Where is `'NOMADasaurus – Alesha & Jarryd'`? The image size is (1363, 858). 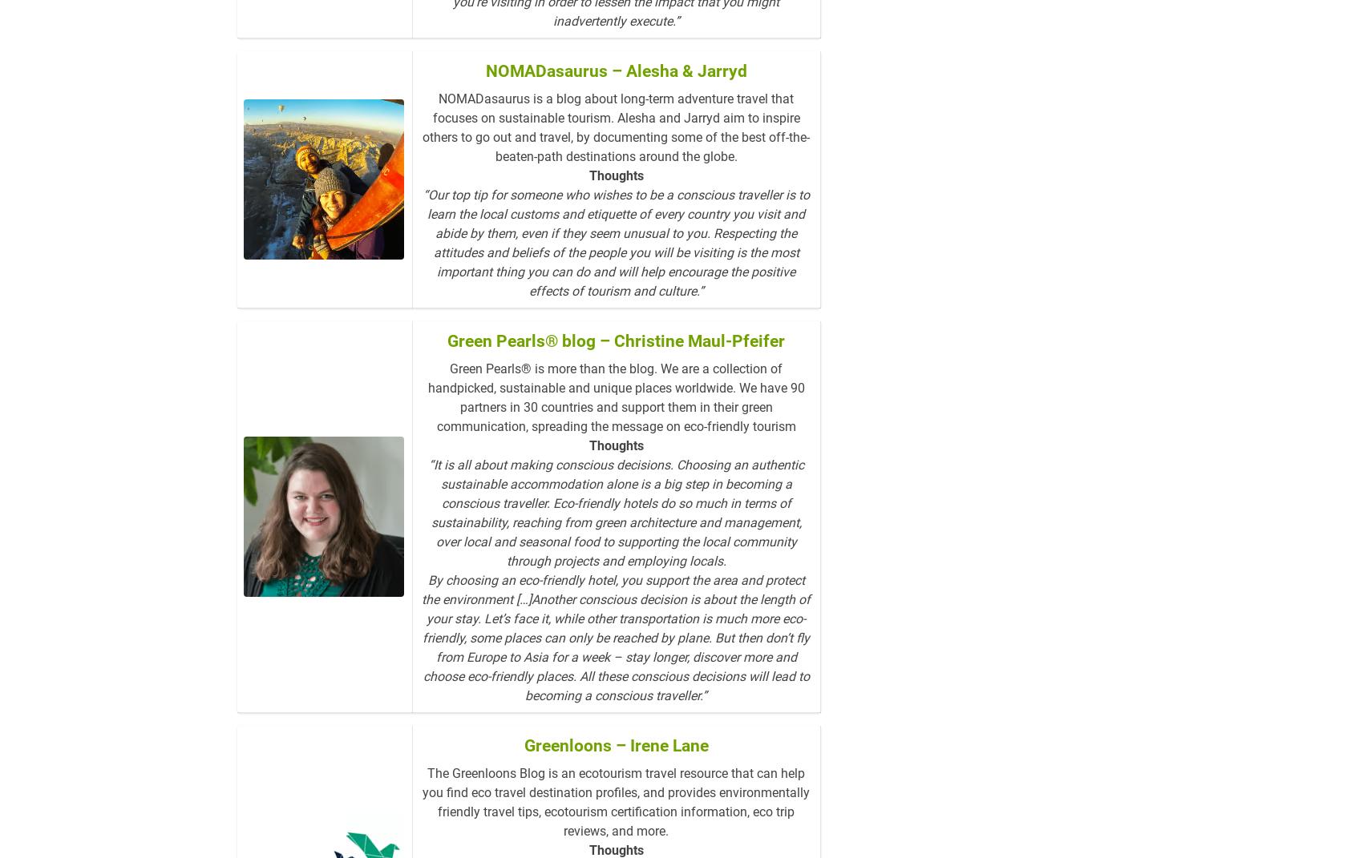 'NOMADasaurus – Alesha & Jarryd' is located at coordinates (615, 70).